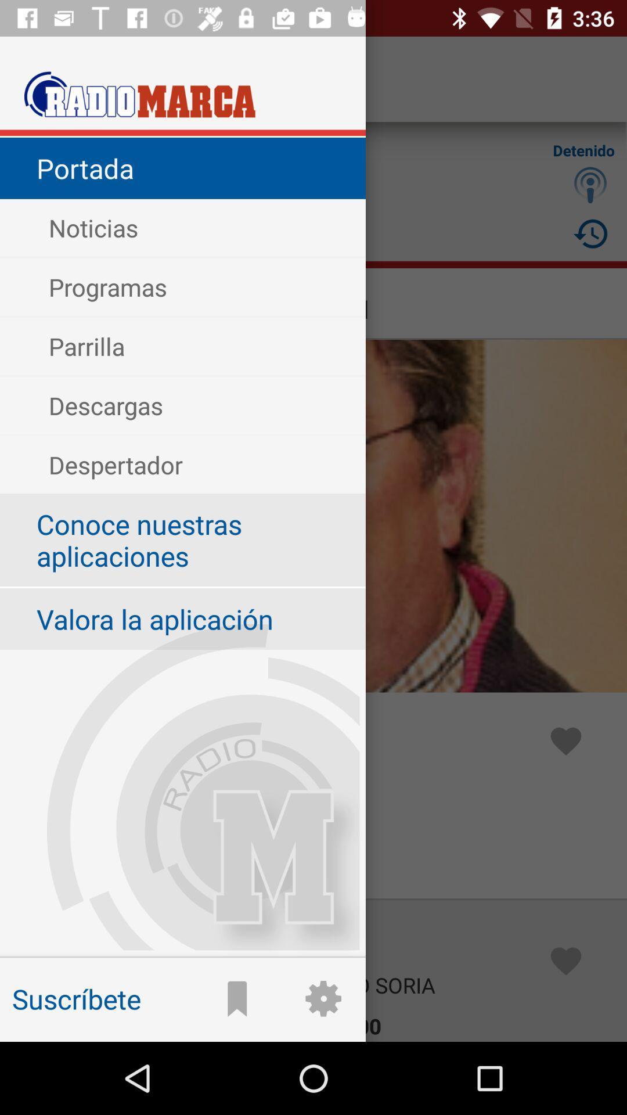 The height and width of the screenshot is (1115, 627). Describe the element at coordinates (237, 998) in the screenshot. I see `the icon which is left to the settings icon` at that location.